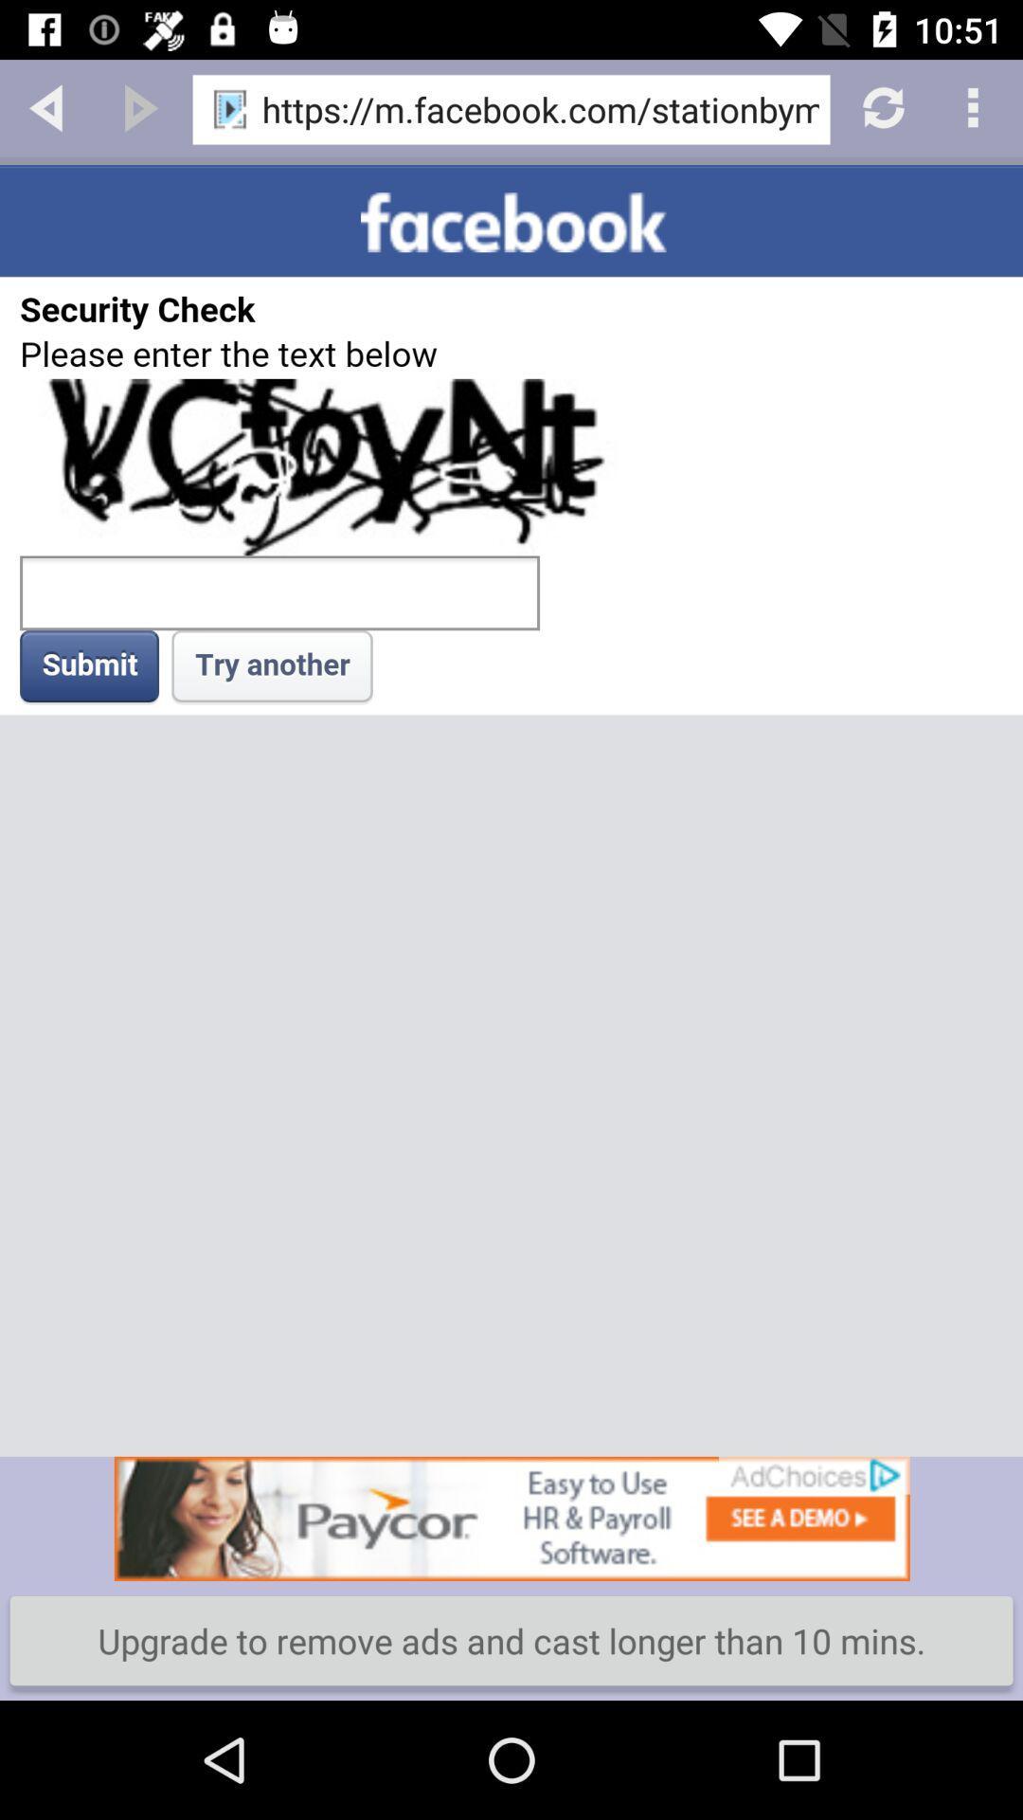 This screenshot has height=1820, width=1023. I want to click on go forward, so click(140, 105).